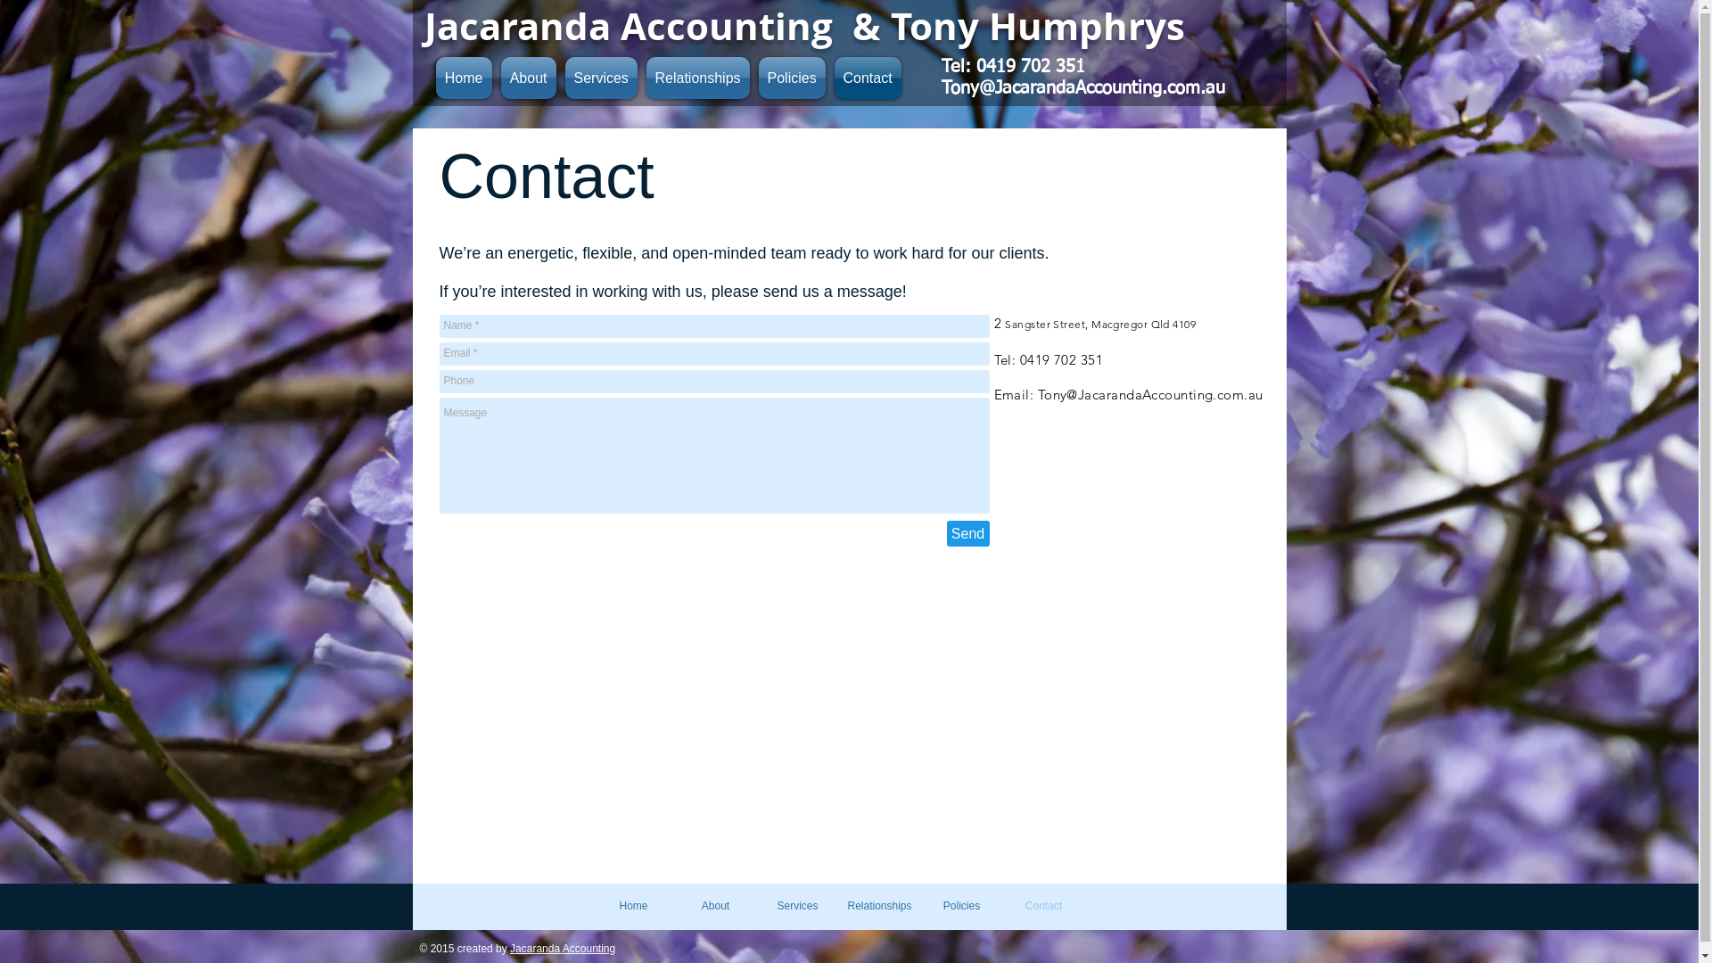 This screenshot has height=963, width=1712. Describe the element at coordinates (432, 77) in the screenshot. I see `'Home'` at that location.